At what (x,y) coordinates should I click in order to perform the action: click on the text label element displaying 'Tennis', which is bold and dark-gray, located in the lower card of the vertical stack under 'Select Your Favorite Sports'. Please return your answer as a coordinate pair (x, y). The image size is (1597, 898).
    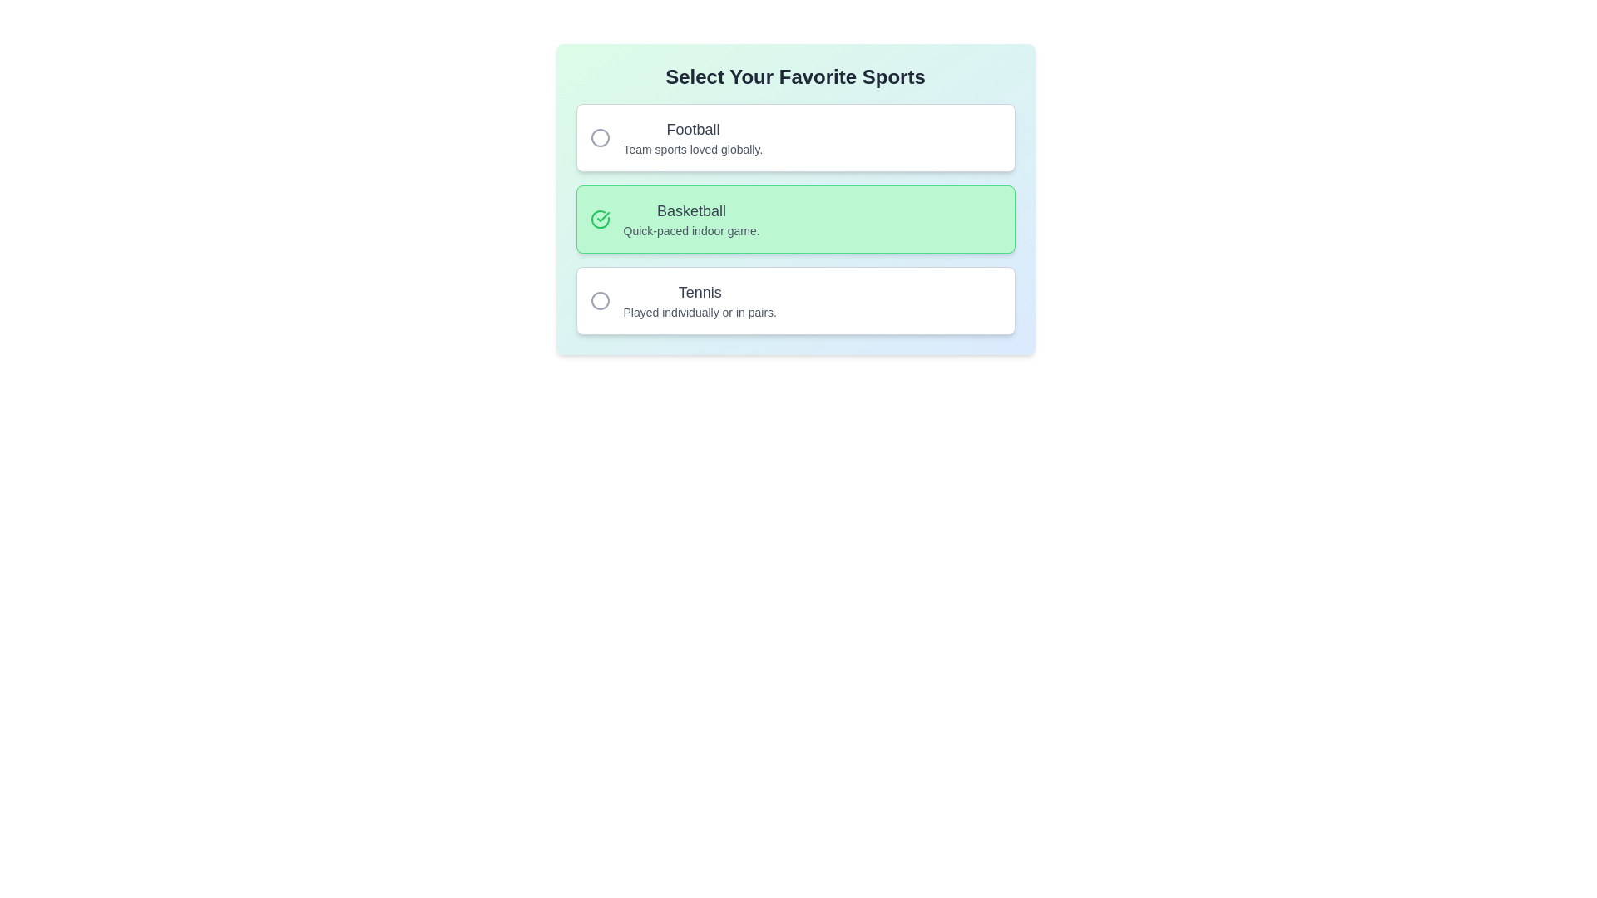
    Looking at the image, I should click on (700, 291).